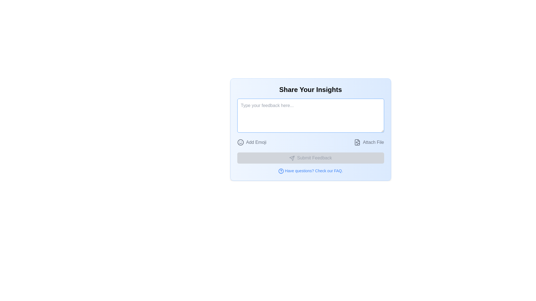  Describe the element at coordinates (240, 142) in the screenshot. I see `the circular SVG element that is part of the smiley face icon, located adjacent to the input field labeled 'Share Your Insights'` at that location.